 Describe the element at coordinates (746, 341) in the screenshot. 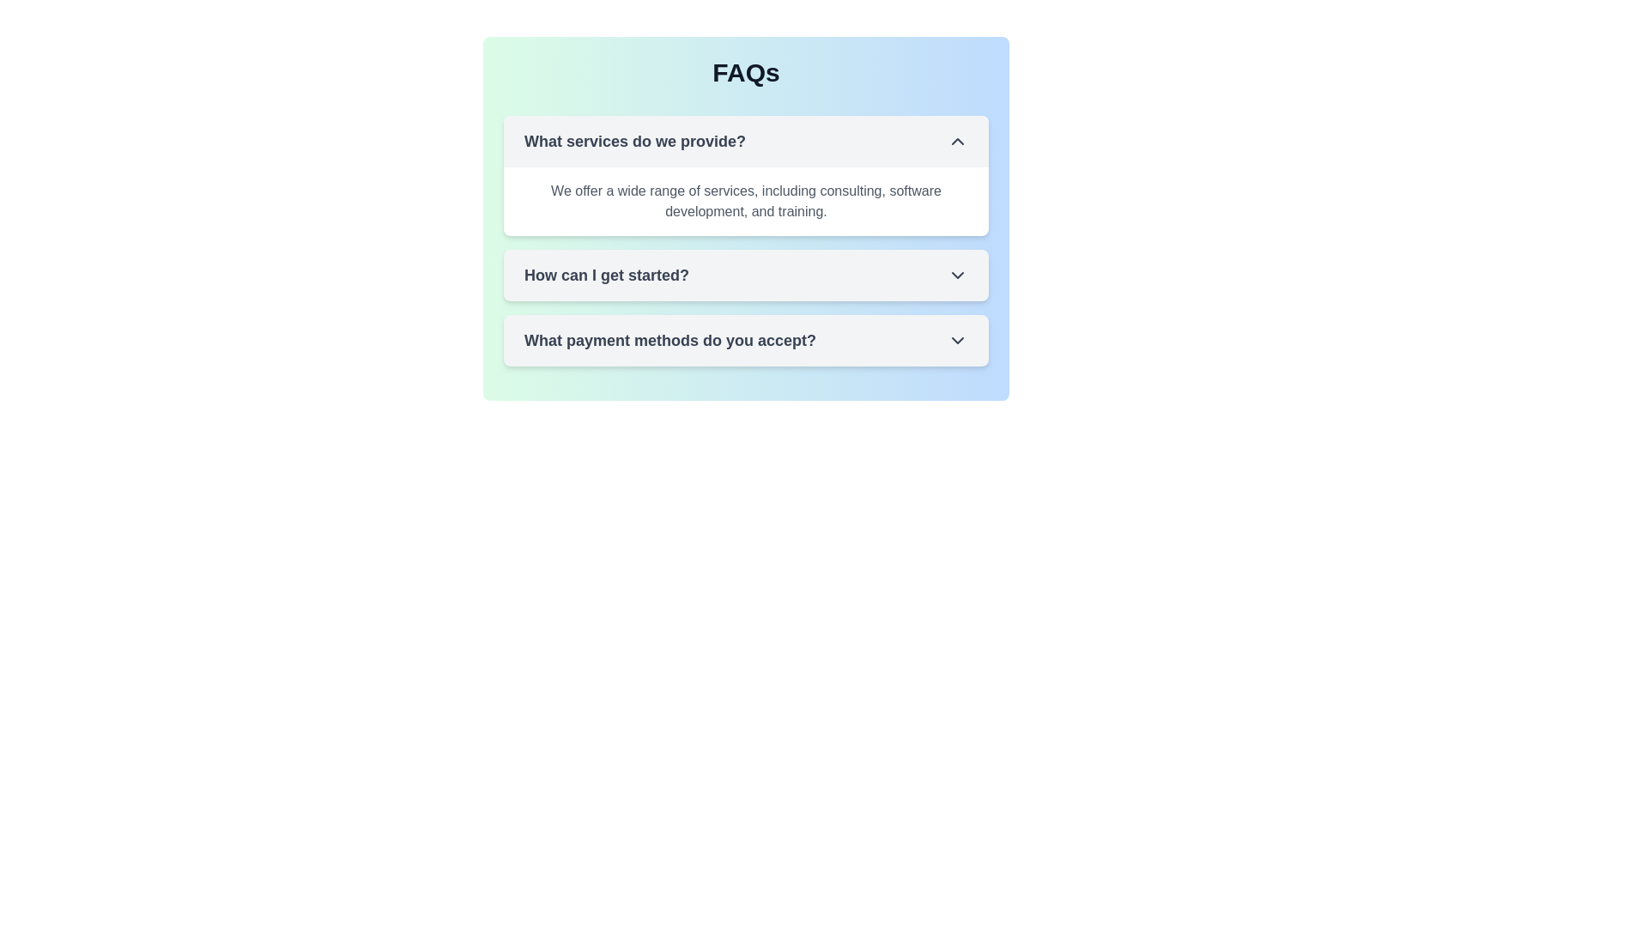

I see `the Interactive FAQ header for payment methods` at that location.